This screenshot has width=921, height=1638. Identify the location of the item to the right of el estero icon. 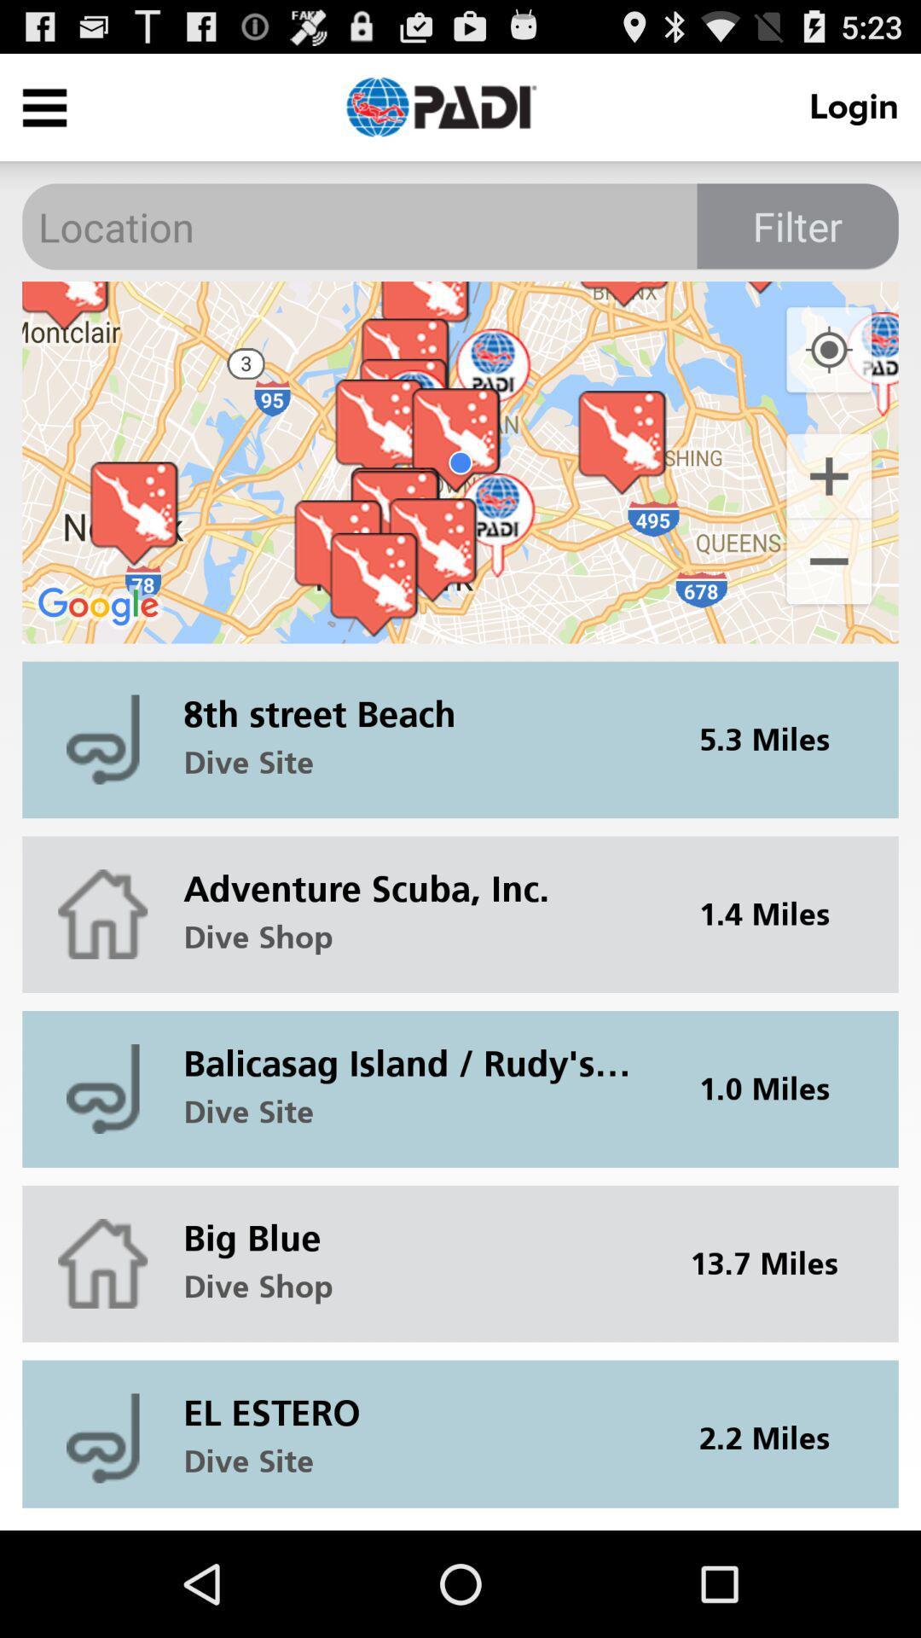
(775, 1433).